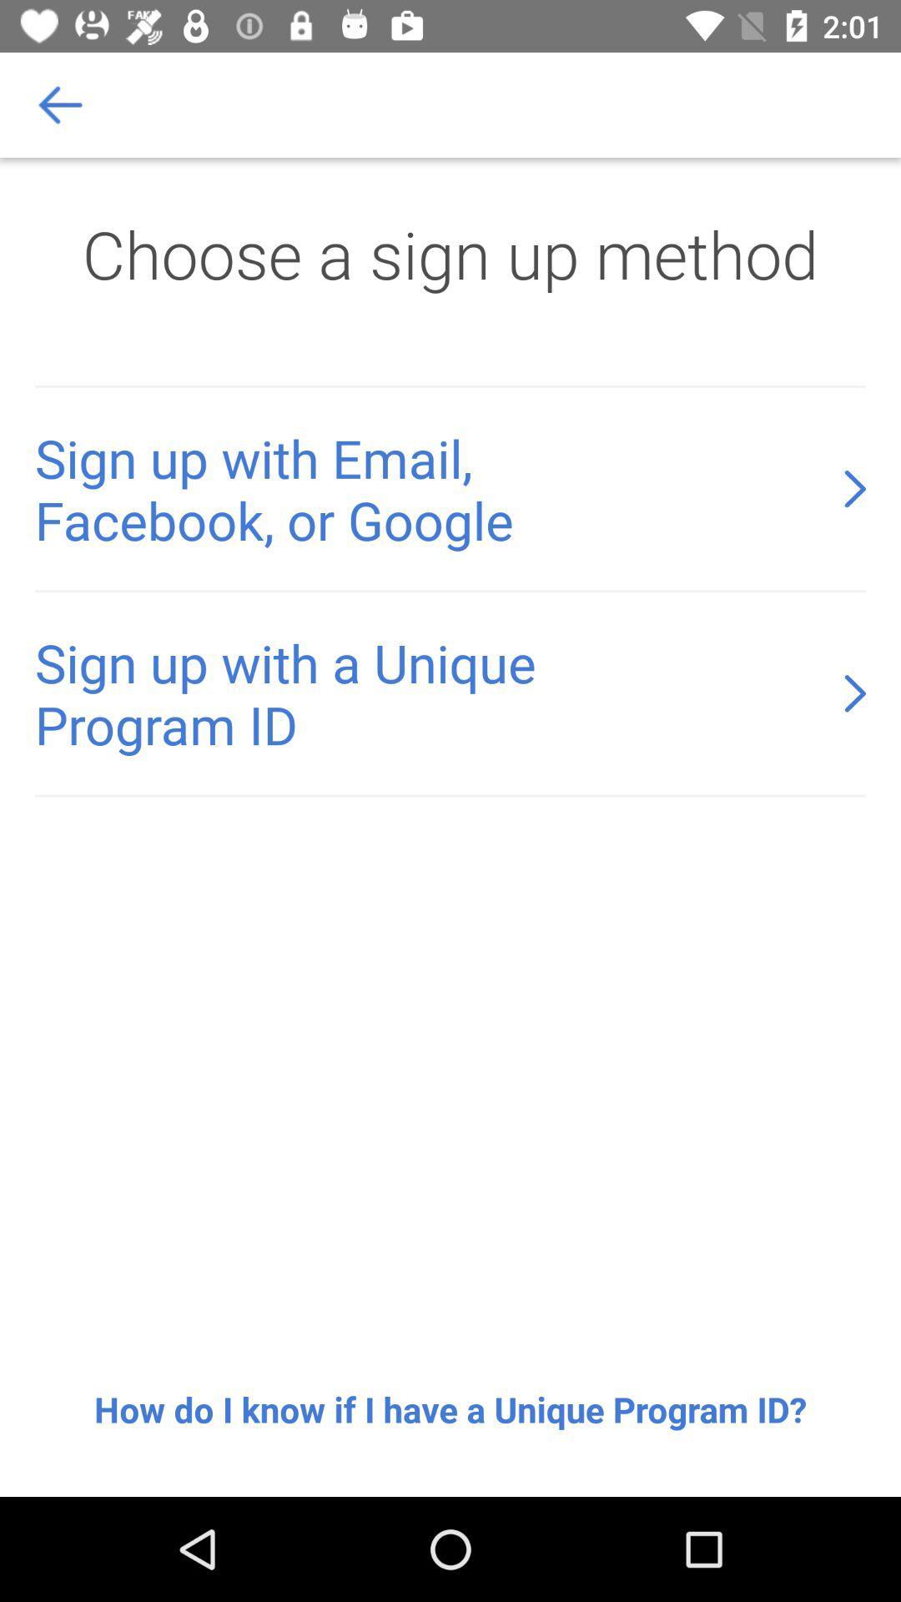  What do you see at coordinates (450, 1408) in the screenshot?
I see `the how do i icon` at bounding box center [450, 1408].